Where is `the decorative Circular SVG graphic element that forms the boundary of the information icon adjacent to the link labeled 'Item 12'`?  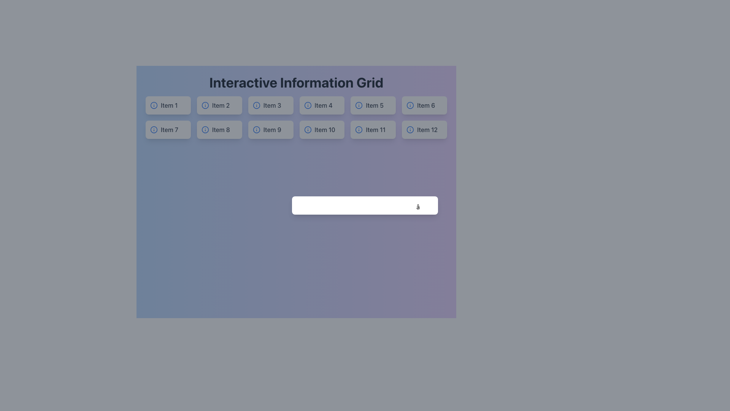
the decorative Circular SVG graphic element that forms the boundary of the information icon adjacent to the link labeled 'Item 12' is located at coordinates (410, 129).